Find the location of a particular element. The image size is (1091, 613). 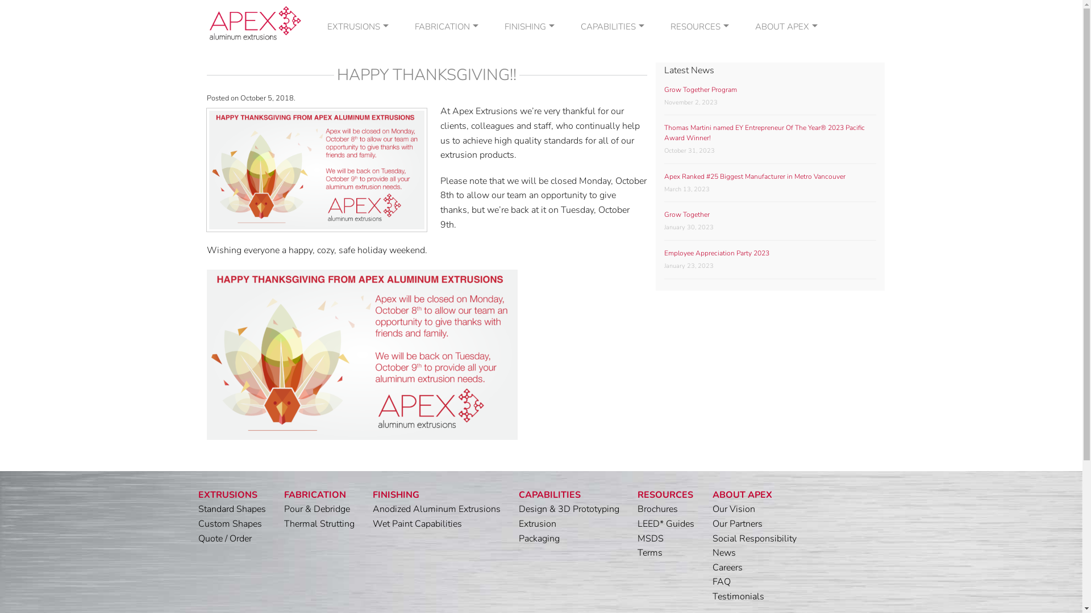

'Custom Shapes' is located at coordinates (197, 523).